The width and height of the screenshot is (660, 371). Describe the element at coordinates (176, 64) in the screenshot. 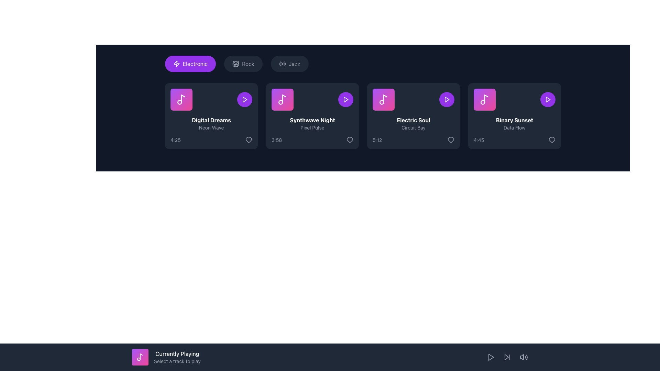

I see `the lightning bolt shaped icon located within the 'Electronic' tag at the top-left region of the interface` at that location.